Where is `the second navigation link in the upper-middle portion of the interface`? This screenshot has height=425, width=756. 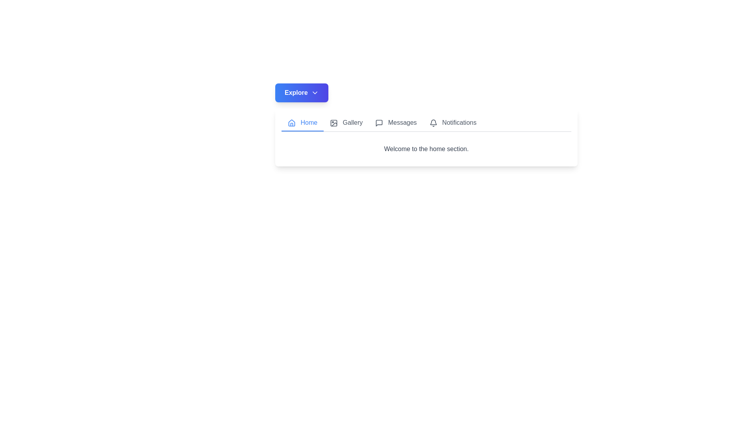
the second navigation link in the upper-middle portion of the interface is located at coordinates (346, 123).